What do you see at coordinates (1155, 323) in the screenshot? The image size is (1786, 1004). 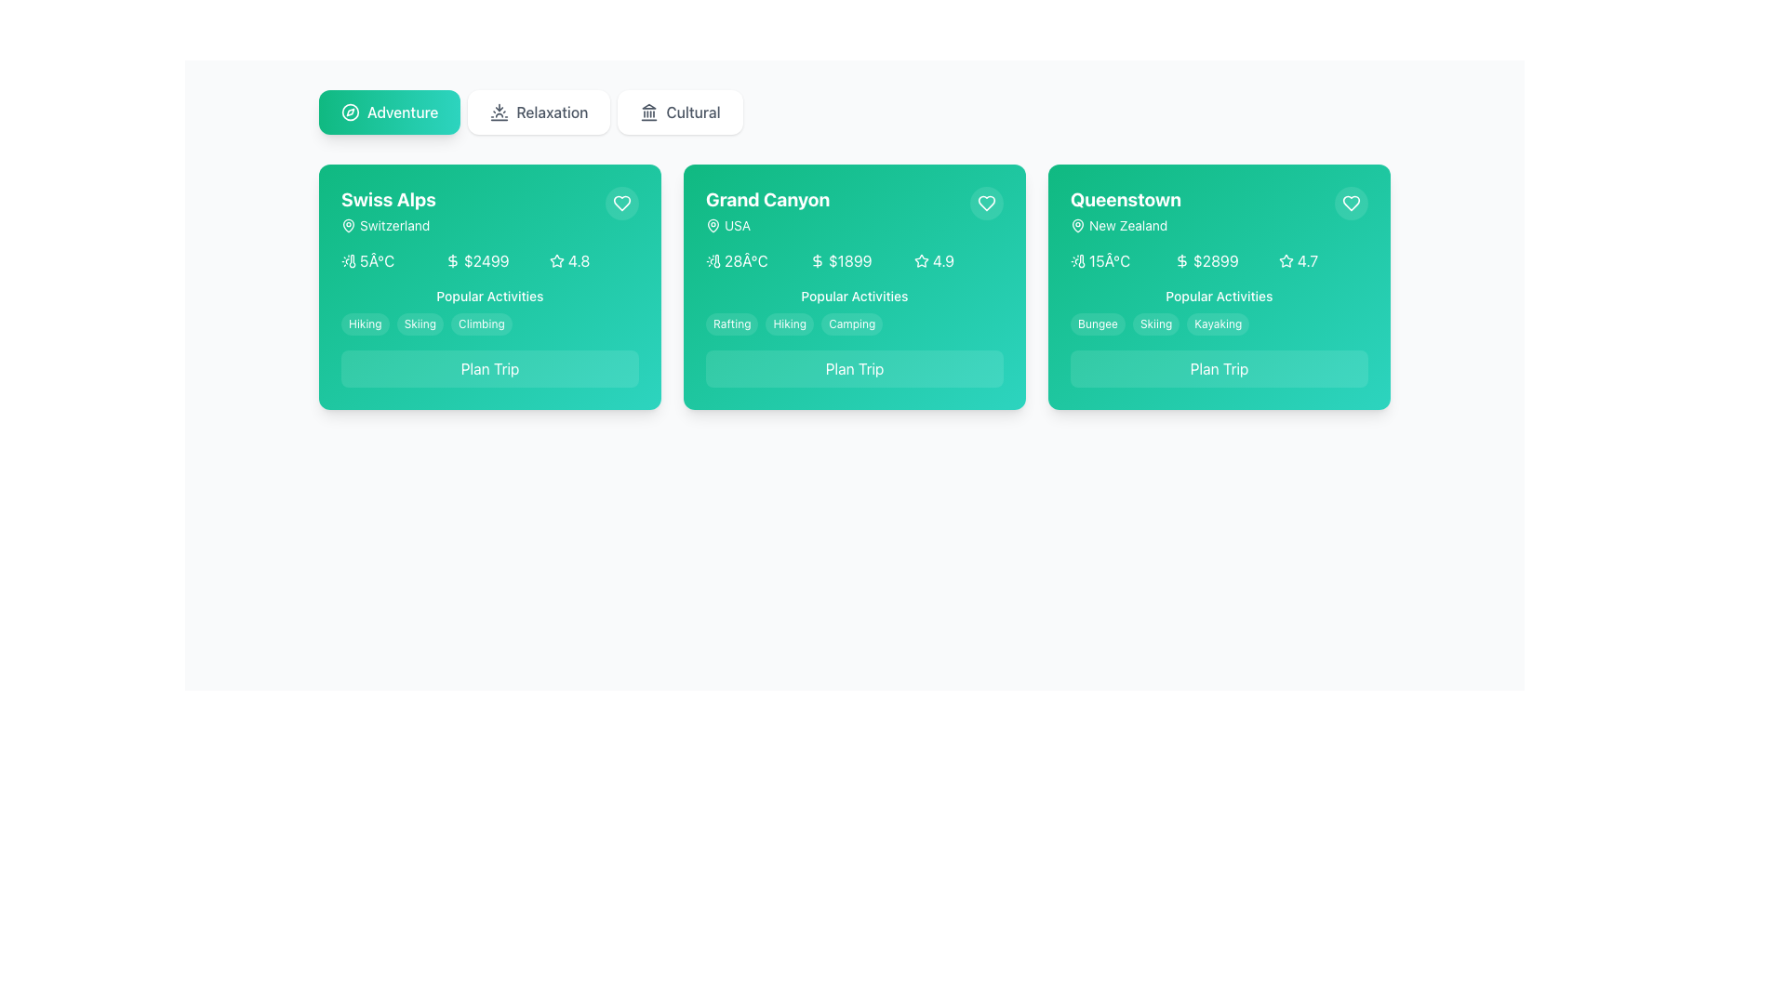 I see `the 'Skiing' label, which is the second label in a horizontal group of three within the 'Popular Activities' section of the 'Queenstown' card` at bounding box center [1155, 323].